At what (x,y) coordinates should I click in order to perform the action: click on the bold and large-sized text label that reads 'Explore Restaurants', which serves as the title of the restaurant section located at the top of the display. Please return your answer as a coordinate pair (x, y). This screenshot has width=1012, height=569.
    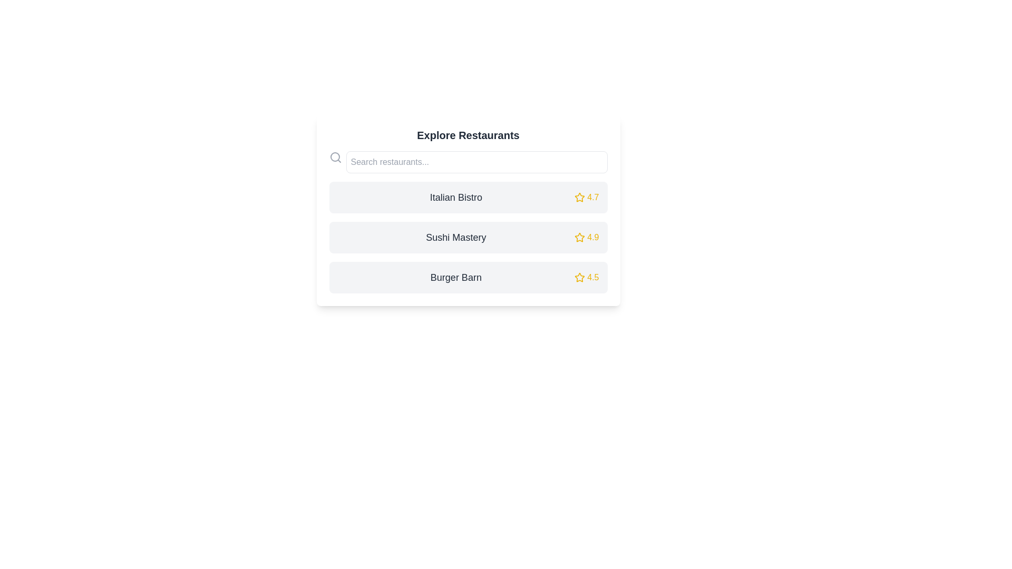
    Looking at the image, I should click on (468, 135).